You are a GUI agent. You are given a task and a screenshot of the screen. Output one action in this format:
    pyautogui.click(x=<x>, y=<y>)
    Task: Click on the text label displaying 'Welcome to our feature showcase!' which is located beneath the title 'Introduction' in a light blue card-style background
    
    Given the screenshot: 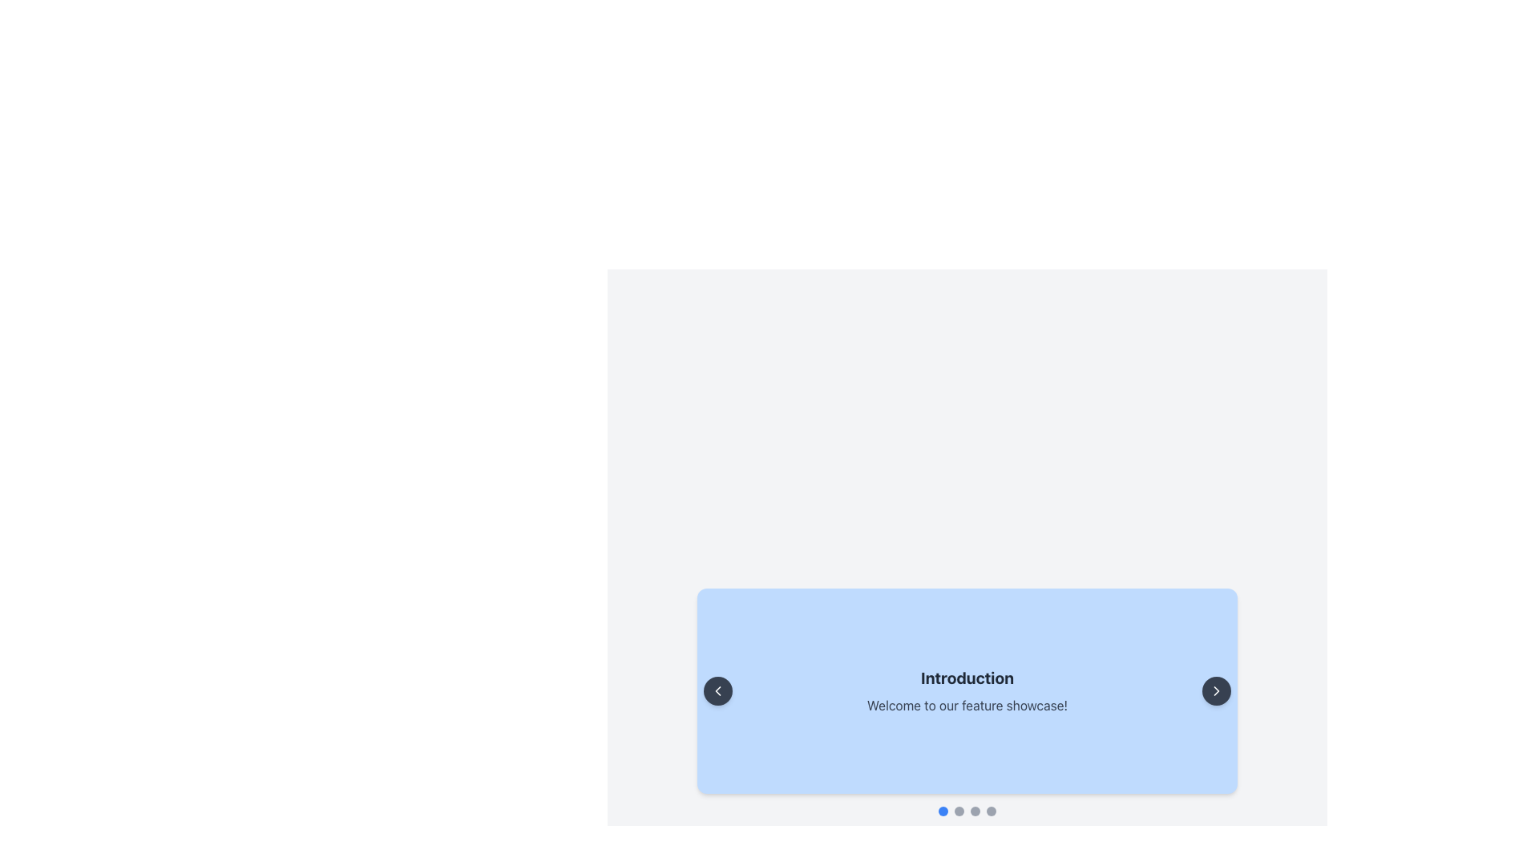 What is the action you would take?
    pyautogui.click(x=966, y=704)
    